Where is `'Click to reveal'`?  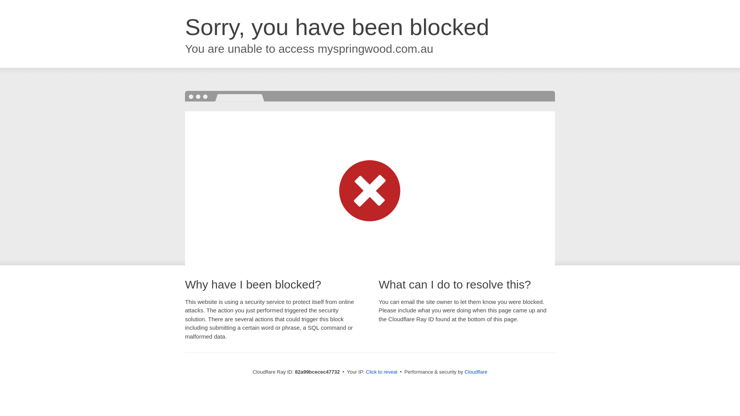
'Click to reveal' is located at coordinates (381, 371).